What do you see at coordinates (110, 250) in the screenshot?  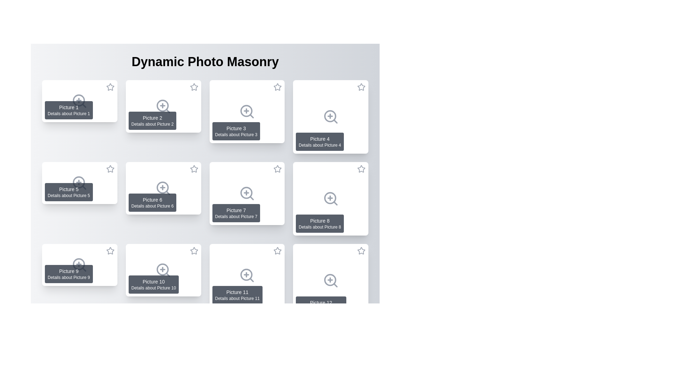 I see `the star button in the top-right corner of the 'Picture 9' card` at bounding box center [110, 250].